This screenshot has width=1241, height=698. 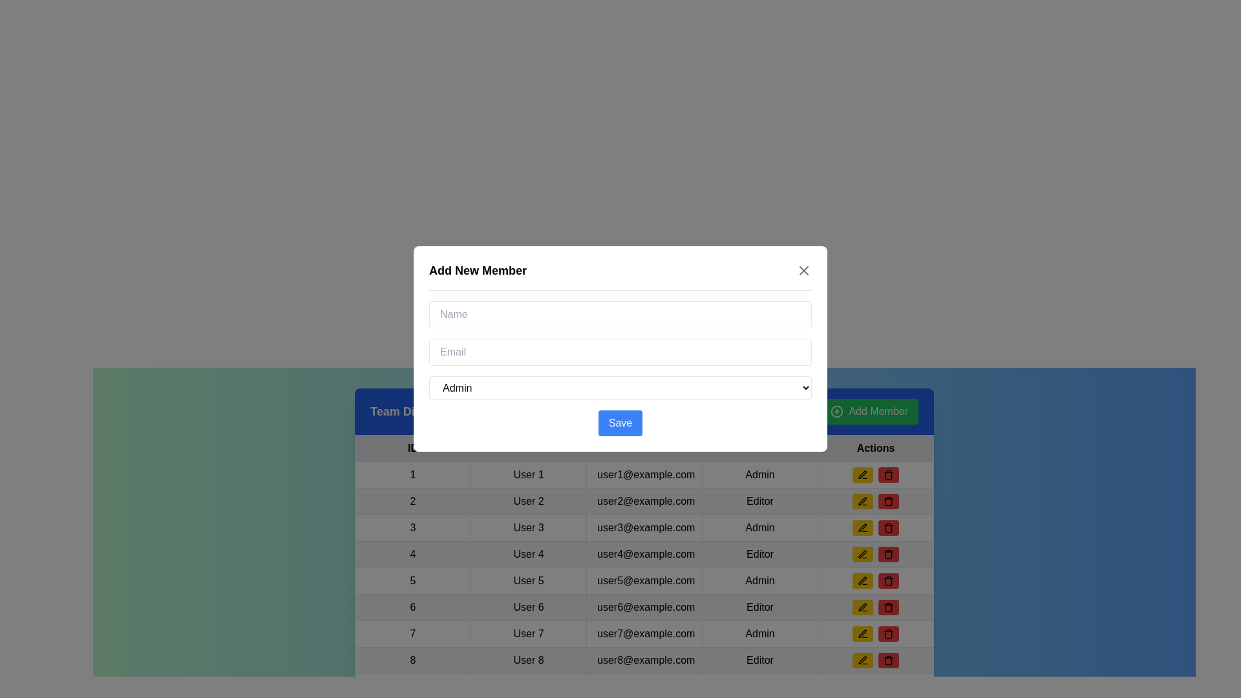 What do you see at coordinates (644, 608) in the screenshot?
I see `the specific cell of the sixth table row displaying data for User 6 to interact with its contents` at bounding box center [644, 608].